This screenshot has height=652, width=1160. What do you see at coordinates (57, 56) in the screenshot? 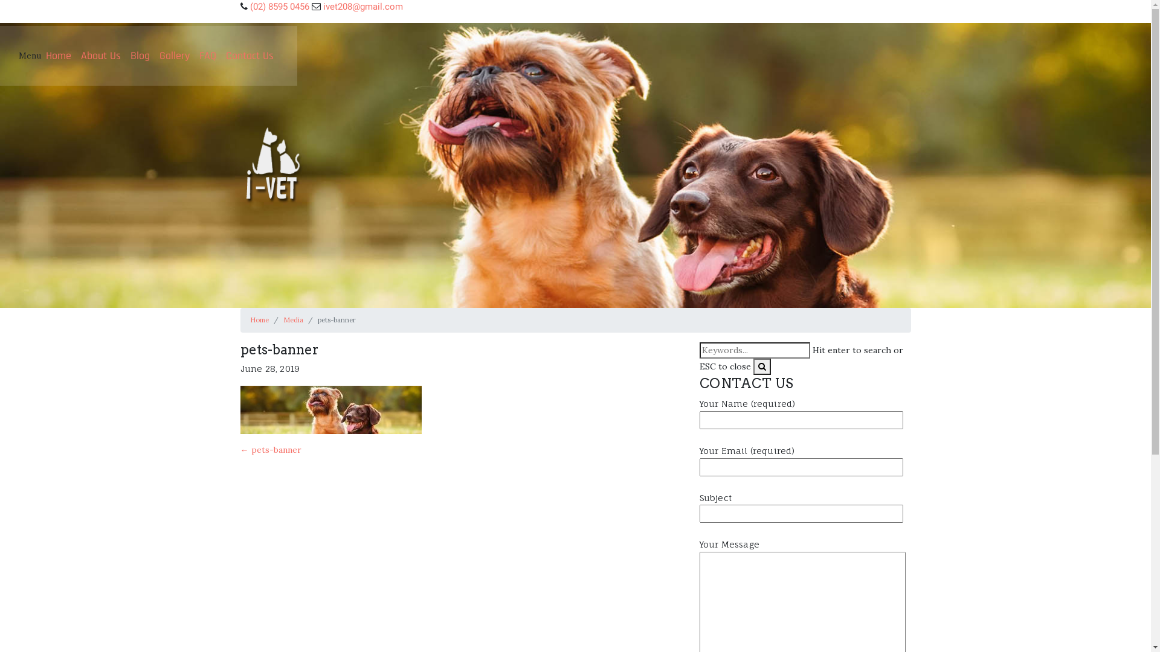
I see `'Home'` at bounding box center [57, 56].